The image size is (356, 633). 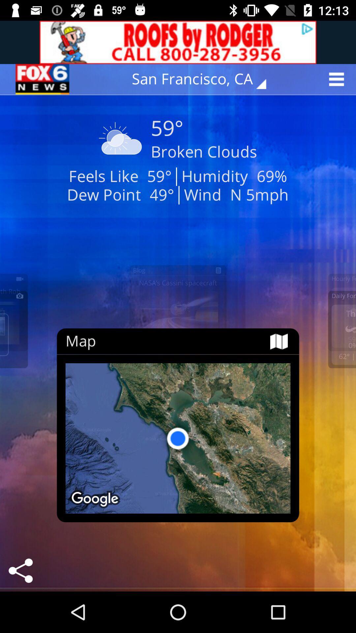 What do you see at coordinates (43, 79) in the screenshot?
I see `the sliders icon` at bounding box center [43, 79].